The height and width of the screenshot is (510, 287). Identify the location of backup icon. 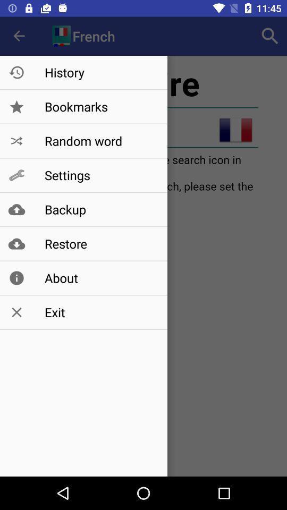
(100, 209).